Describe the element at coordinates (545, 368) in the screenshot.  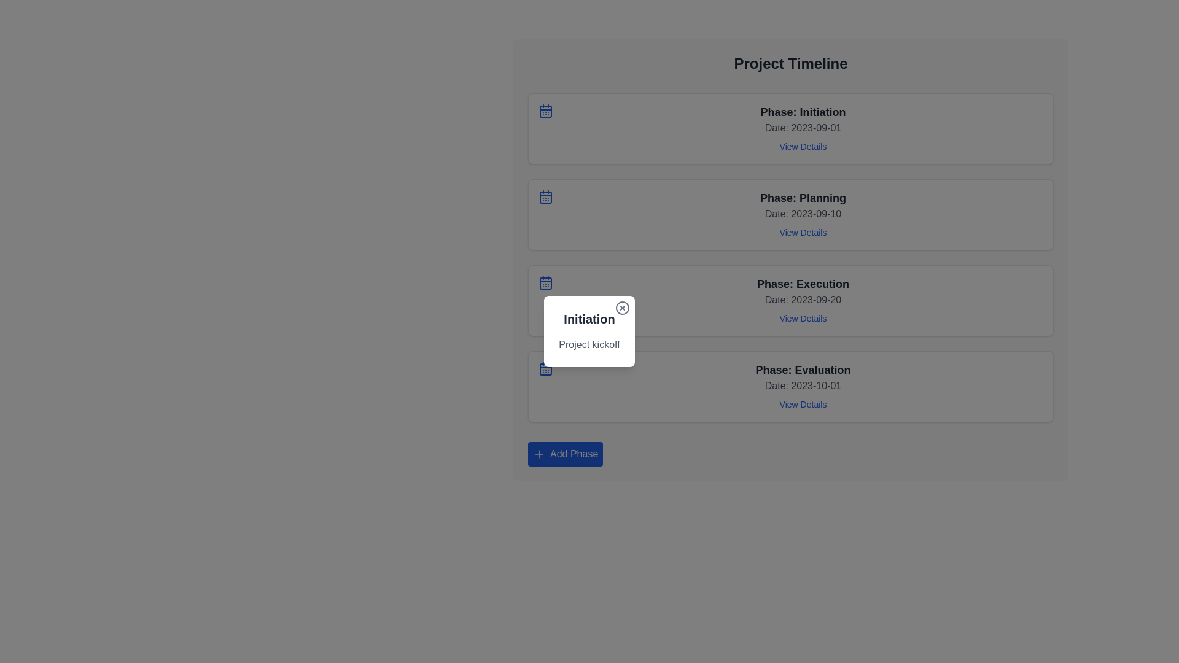
I see `the calendar icon located on the leftmost portion of the 'Phase: Evaluation' card, which is the fourth card in the vertical list of phase cards` at that location.